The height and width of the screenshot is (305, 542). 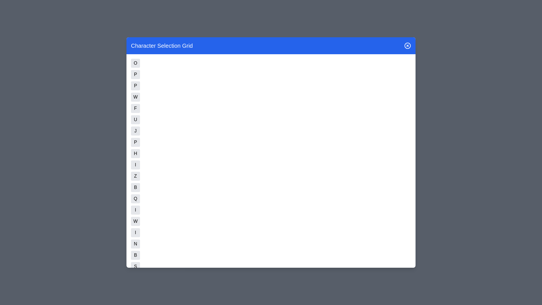 I want to click on the button corresponding to character J, so click(x=135, y=131).